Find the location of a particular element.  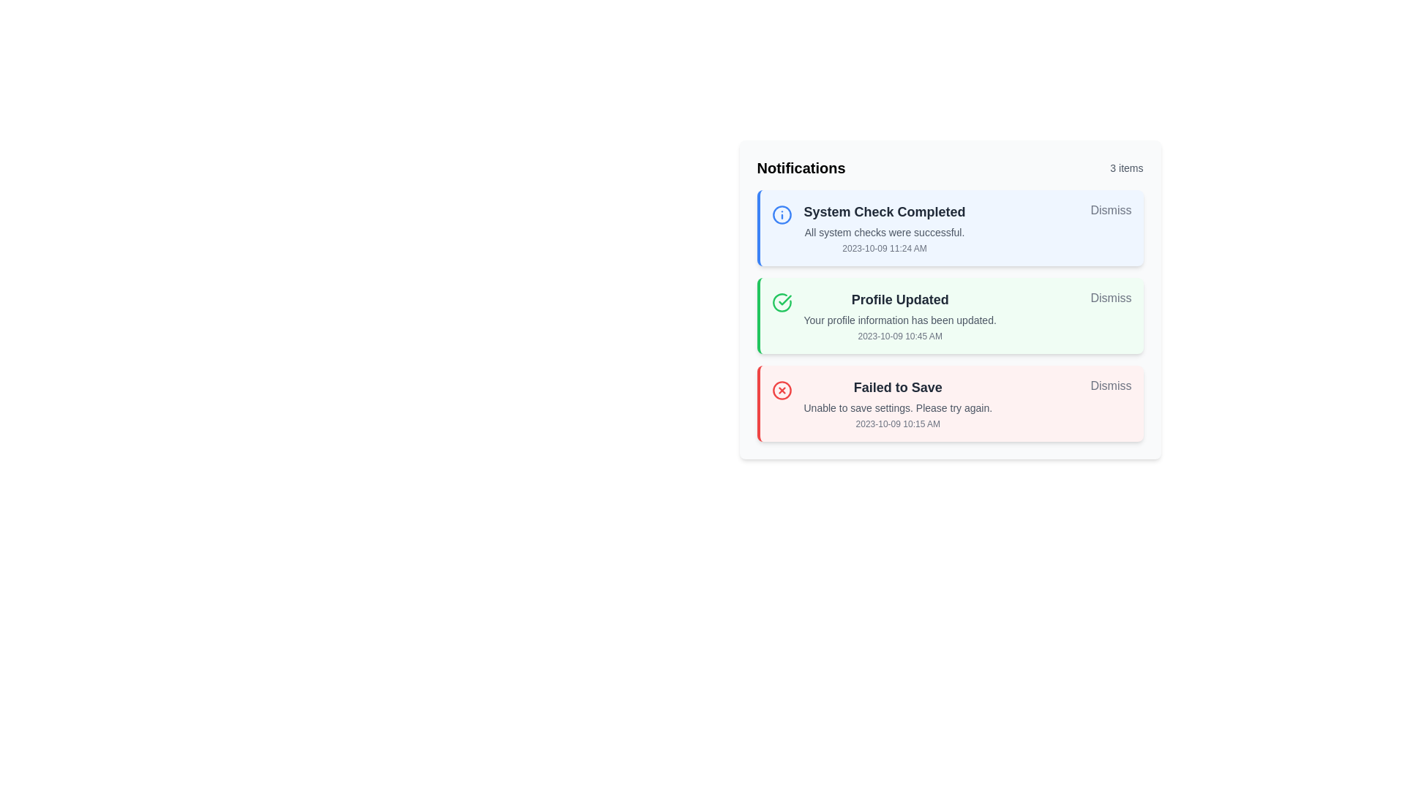

the static text label that informs the user of a failed saving operation, located in the third notification card, positioned below the title of the second notification is located at coordinates (897, 386).